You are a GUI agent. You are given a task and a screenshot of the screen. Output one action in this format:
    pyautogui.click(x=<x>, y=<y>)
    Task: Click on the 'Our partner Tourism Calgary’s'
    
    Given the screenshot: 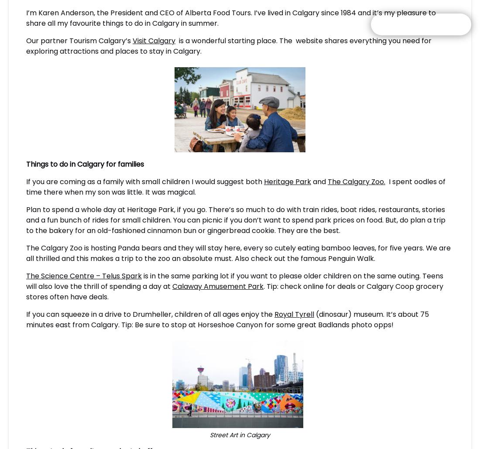 What is the action you would take?
    pyautogui.click(x=79, y=40)
    